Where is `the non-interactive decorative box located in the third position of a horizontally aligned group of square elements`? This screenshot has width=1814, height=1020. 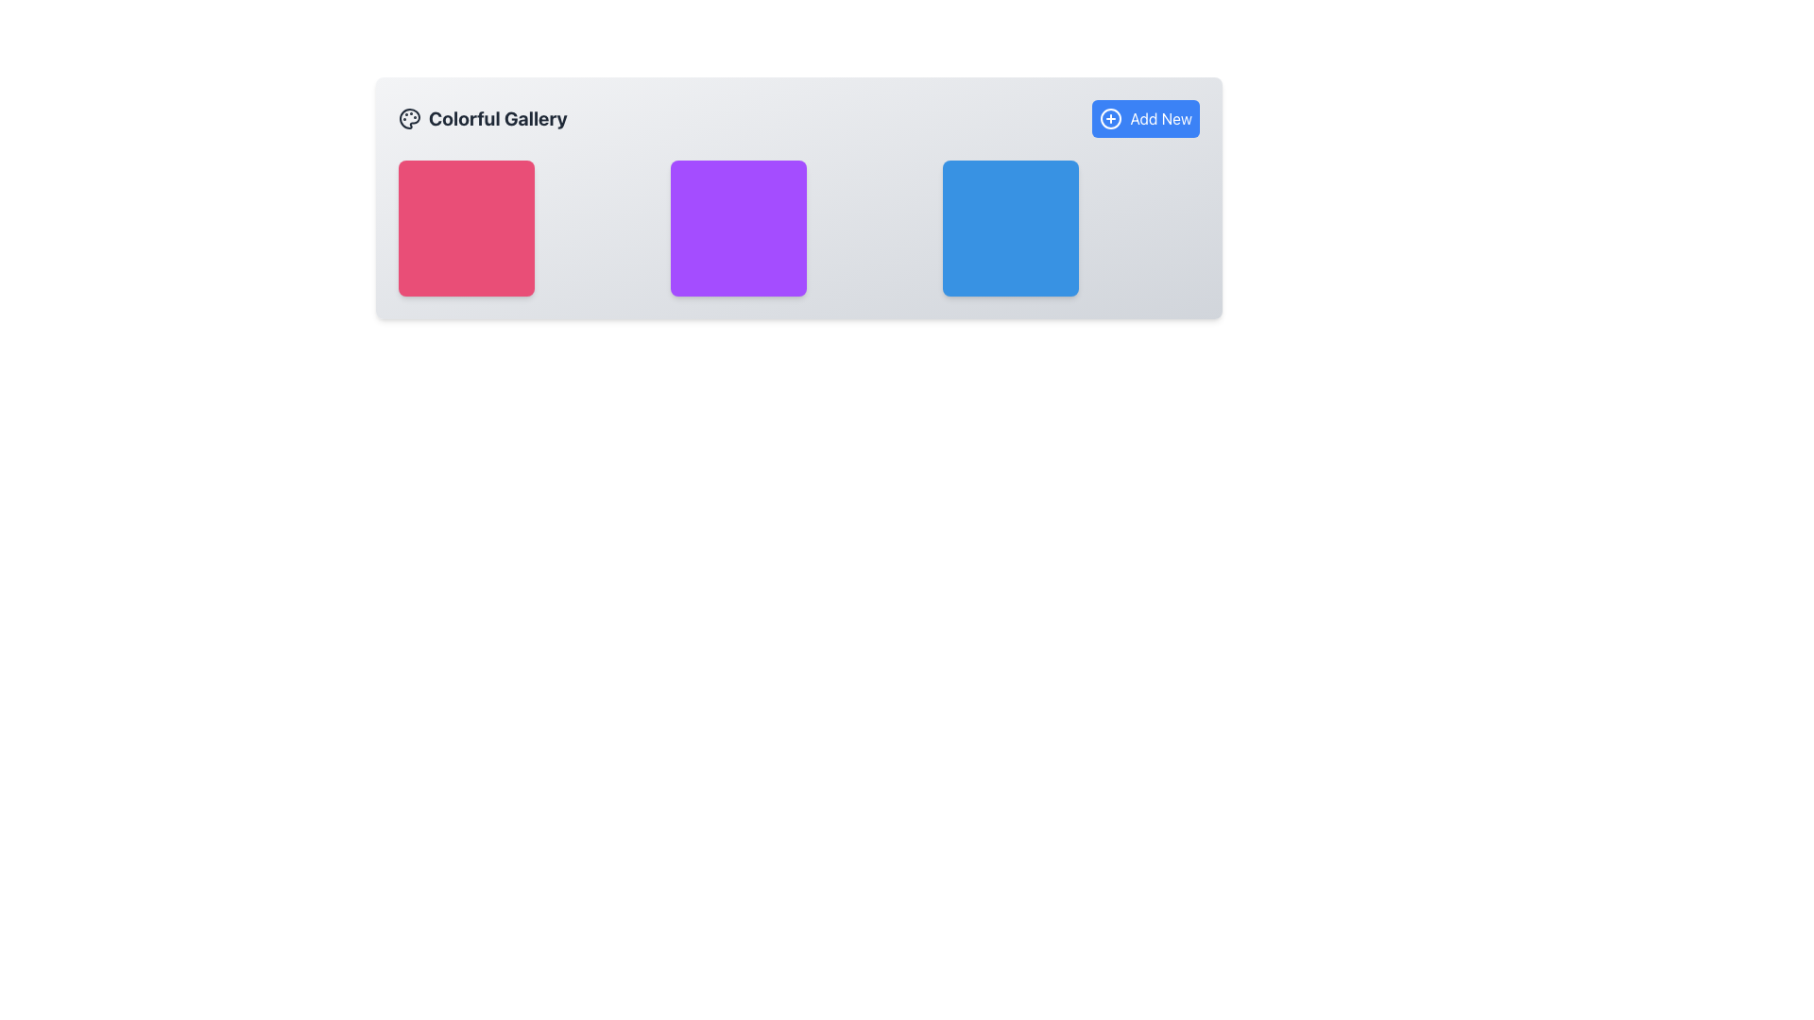
the non-interactive decorative box located in the third position of a horizontally aligned group of square elements is located at coordinates (1010, 228).